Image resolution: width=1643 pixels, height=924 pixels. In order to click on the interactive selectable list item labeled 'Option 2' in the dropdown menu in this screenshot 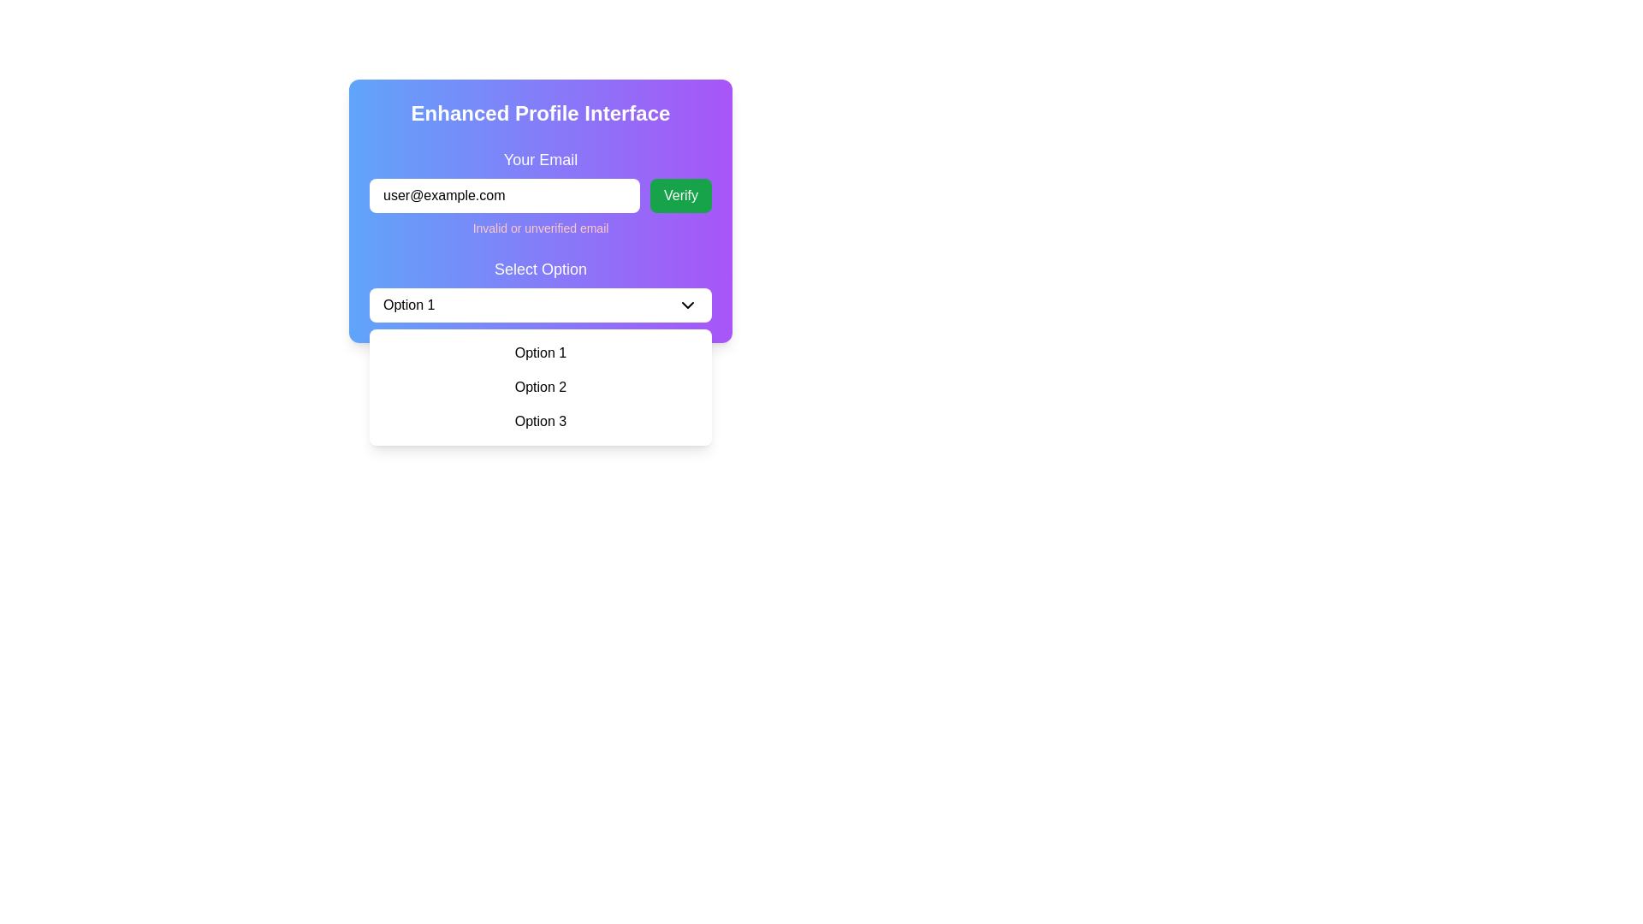, I will do `click(540, 387)`.